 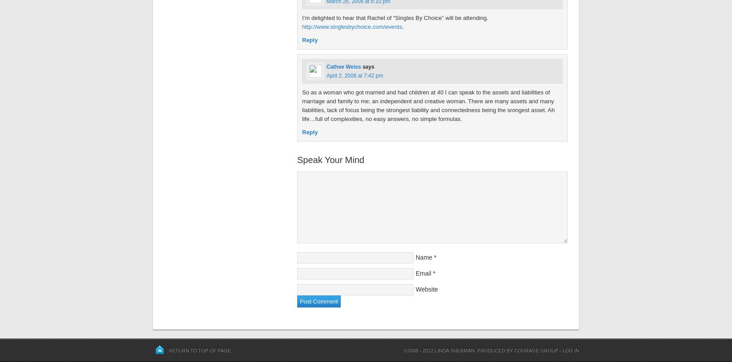 I want to click on '-', so click(x=557, y=350).